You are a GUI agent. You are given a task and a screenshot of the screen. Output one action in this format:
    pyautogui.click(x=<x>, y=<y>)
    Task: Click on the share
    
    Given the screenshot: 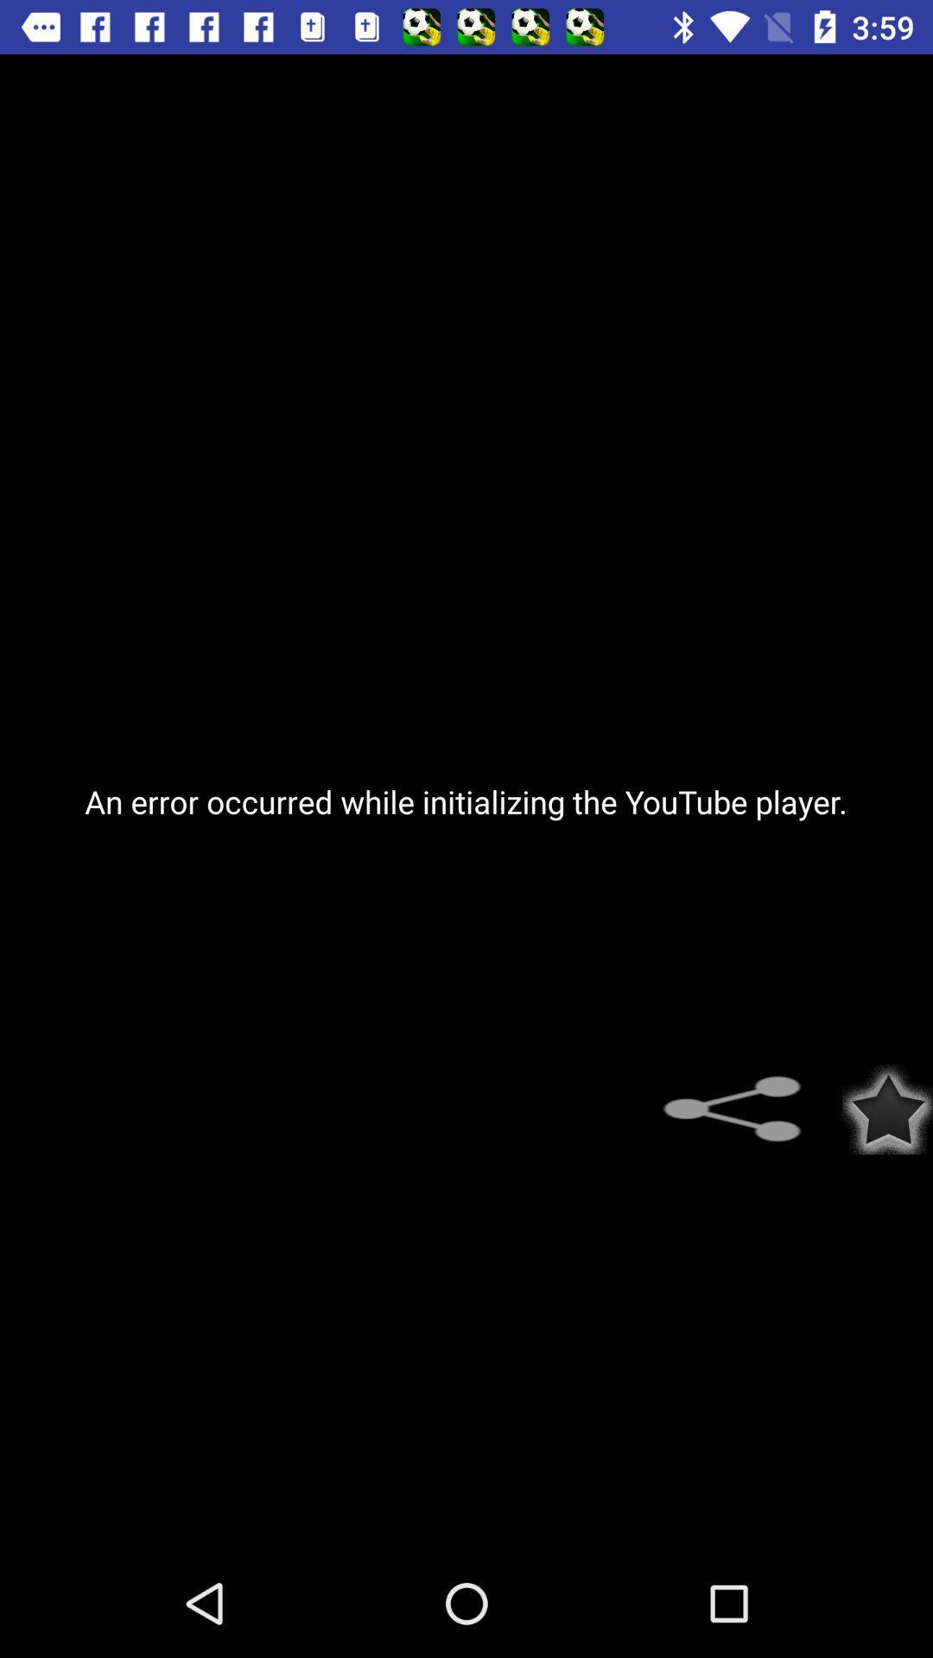 What is the action you would take?
    pyautogui.click(x=741, y=1109)
    